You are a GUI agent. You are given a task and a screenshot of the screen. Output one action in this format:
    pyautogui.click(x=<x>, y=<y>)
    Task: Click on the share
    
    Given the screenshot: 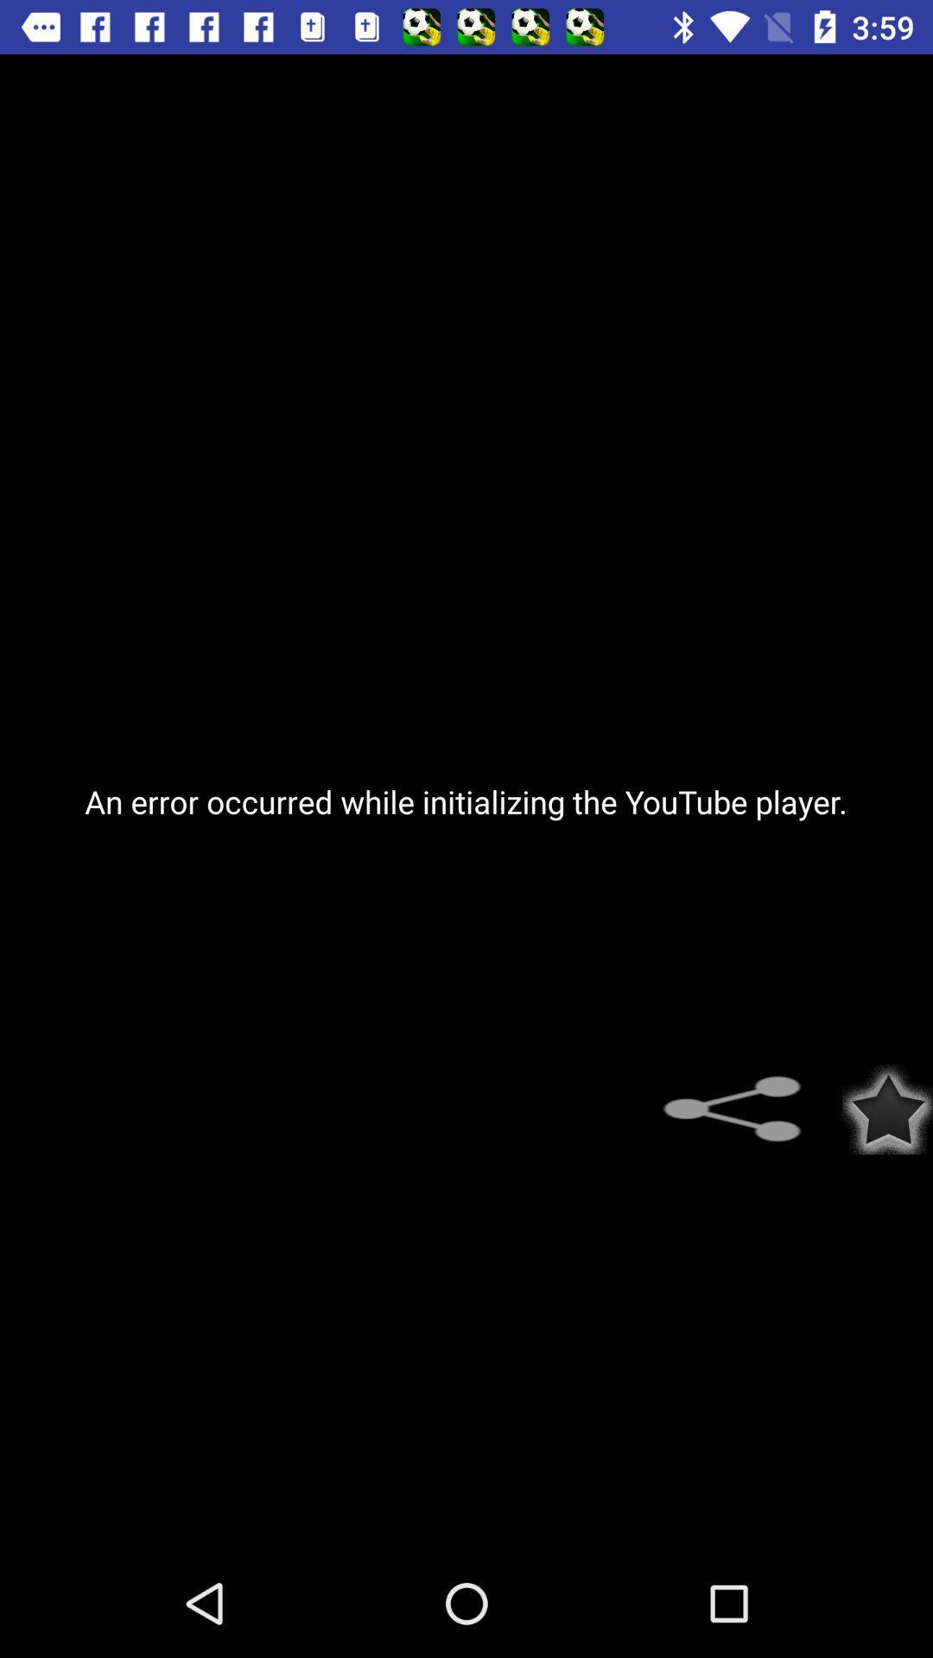 What is the action you would take?
    pyautogui.click(x=741, y=1109)
    